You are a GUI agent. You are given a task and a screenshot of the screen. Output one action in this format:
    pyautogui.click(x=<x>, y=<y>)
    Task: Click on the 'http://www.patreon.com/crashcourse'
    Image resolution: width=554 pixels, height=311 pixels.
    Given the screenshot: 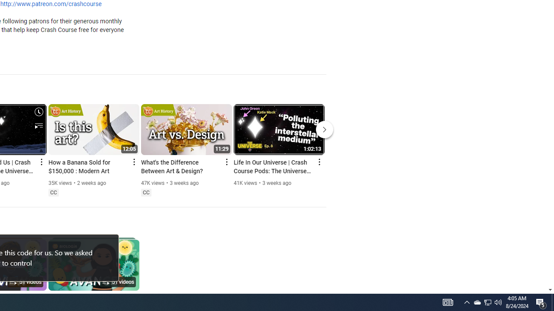 What is the action you would take?
    pyautogui.click(x=50, y=4)
    